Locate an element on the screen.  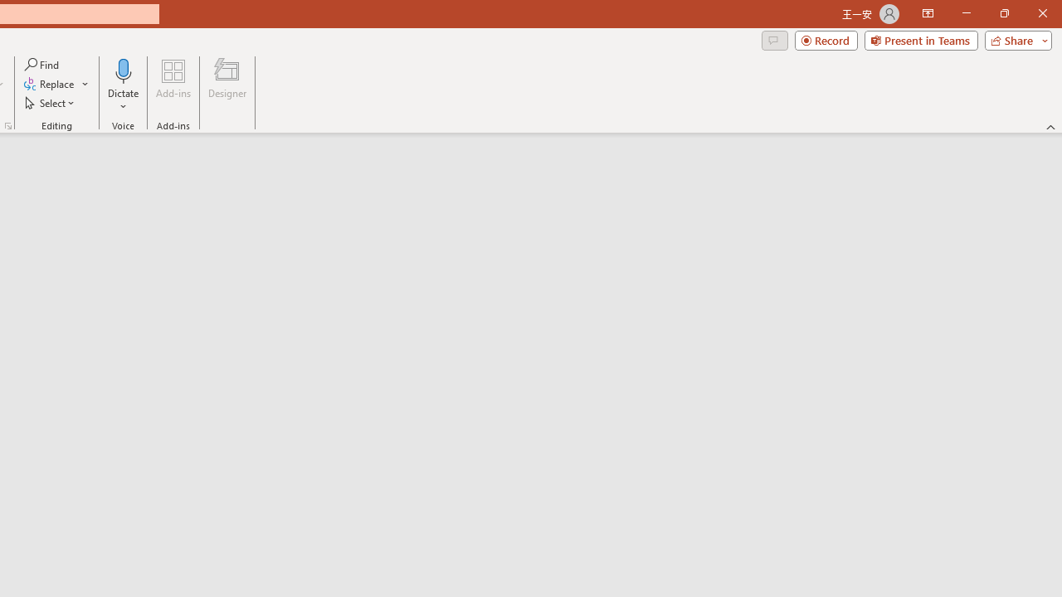
'Dictate' is located at coordinates (123, 85).